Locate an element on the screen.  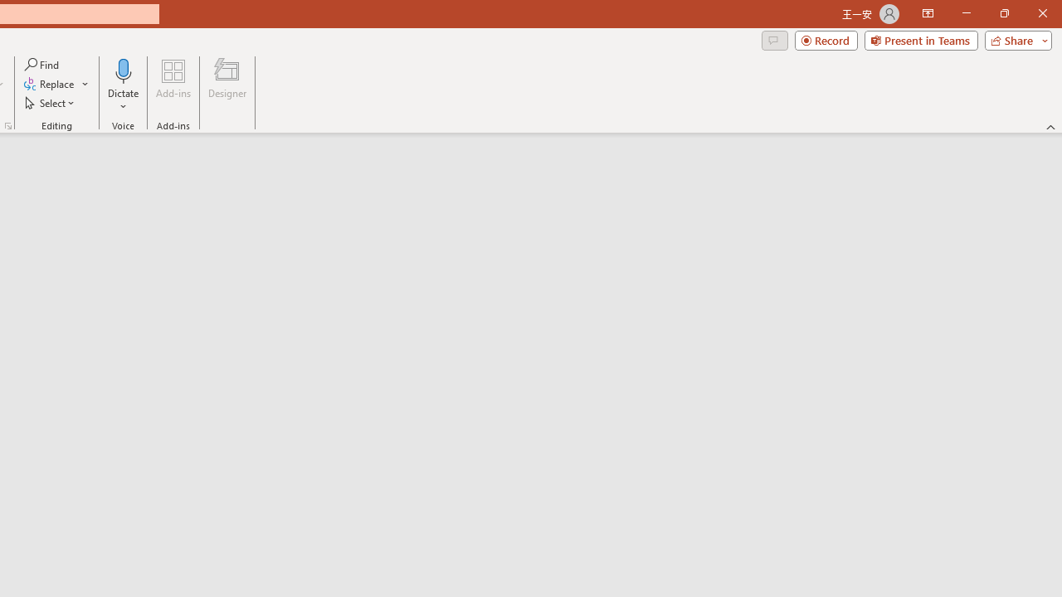
'Dictate' is located at coordinates (123, 85).